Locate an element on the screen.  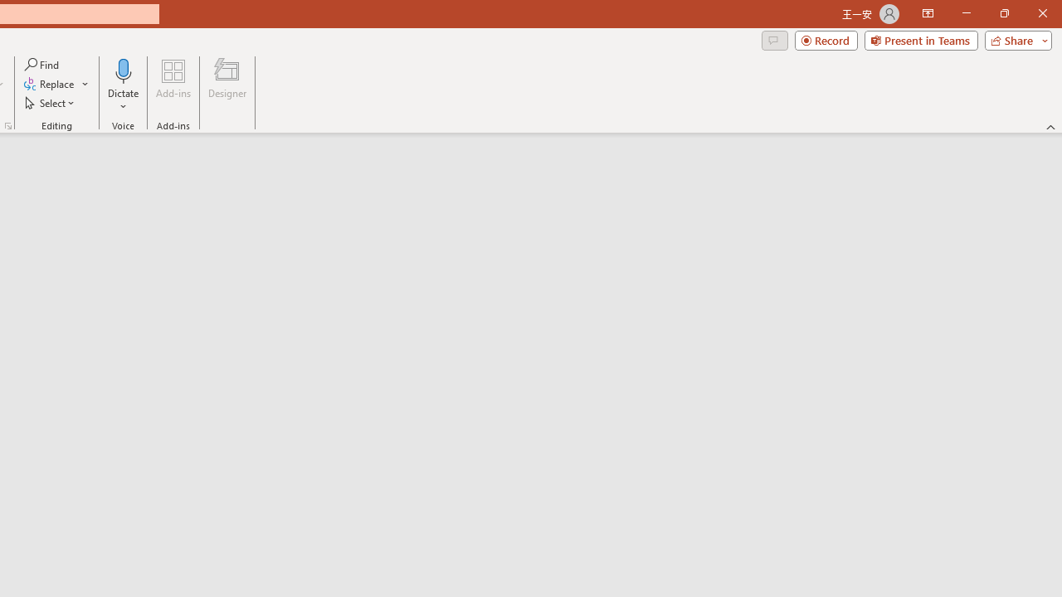
'Dictate' is located at coordinates (123, 85).